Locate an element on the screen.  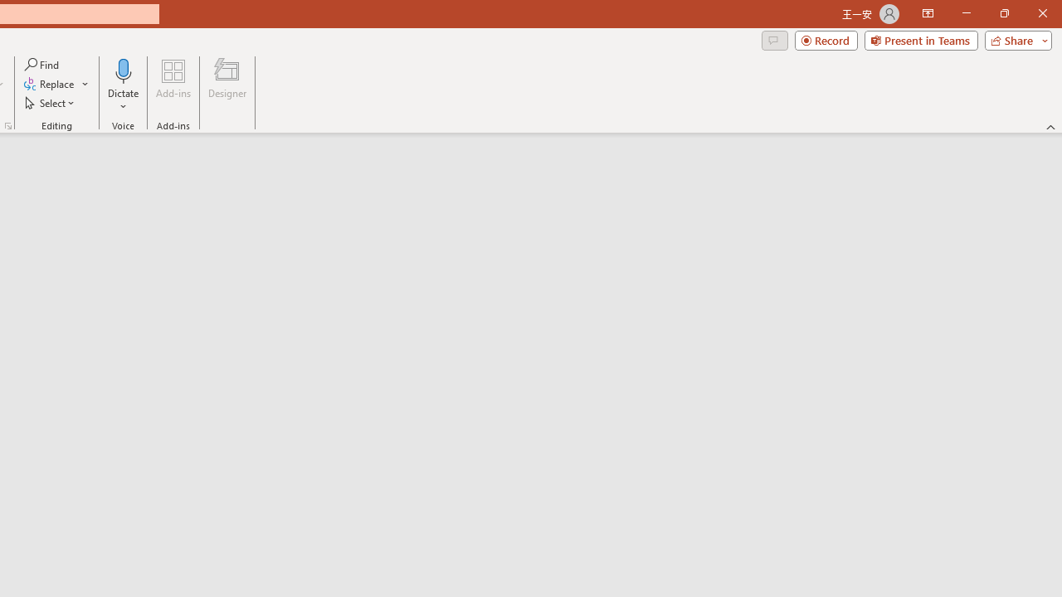
'Dictate' is located at coordinates (123, 85).